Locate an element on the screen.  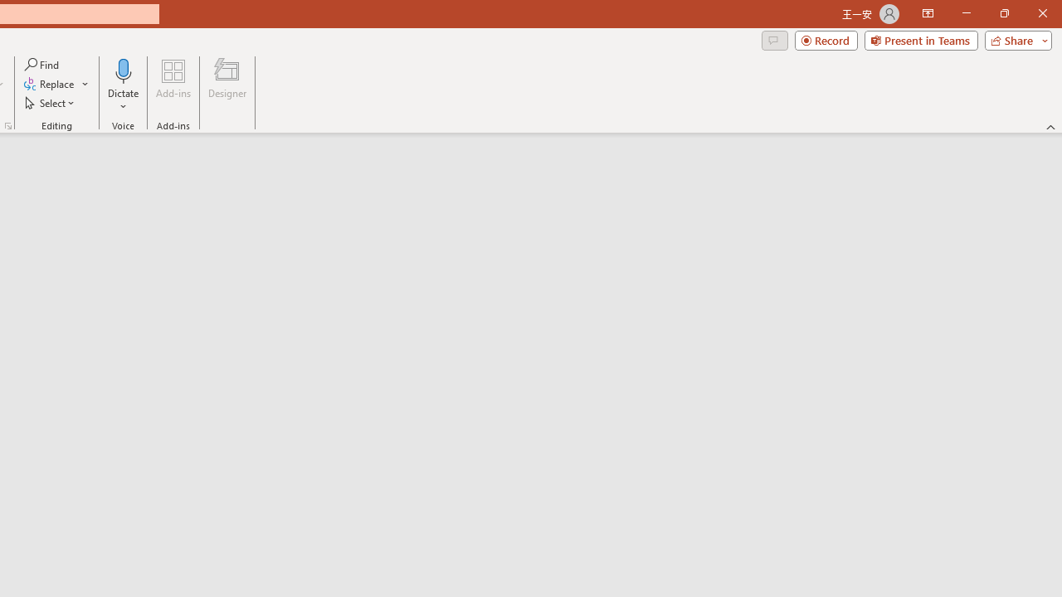
'Dictate' is located at coordinates (123, 85).